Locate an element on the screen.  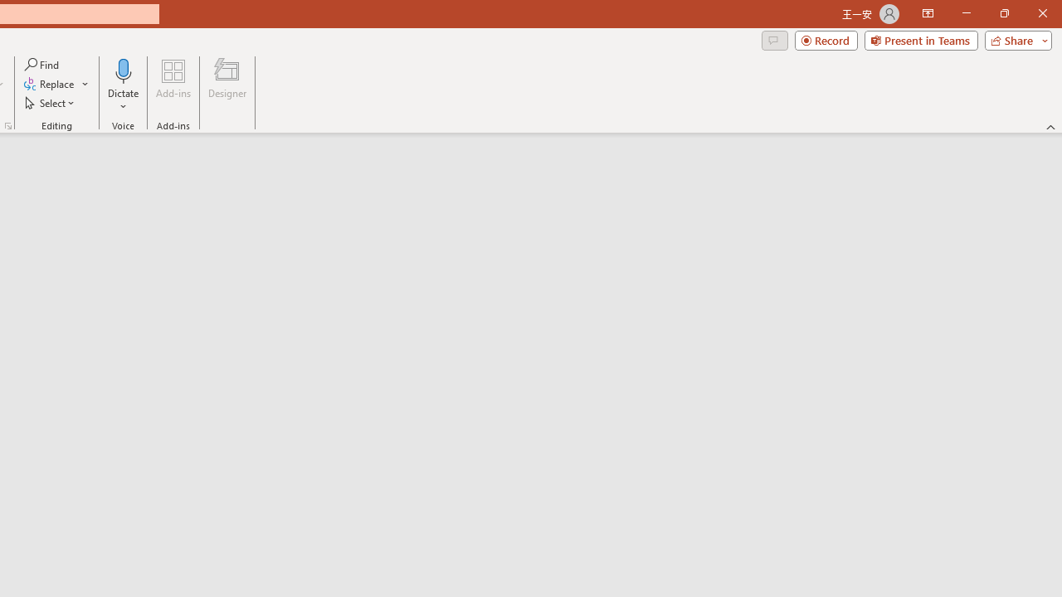
'Dictate' is located at coordinates (123, 85).